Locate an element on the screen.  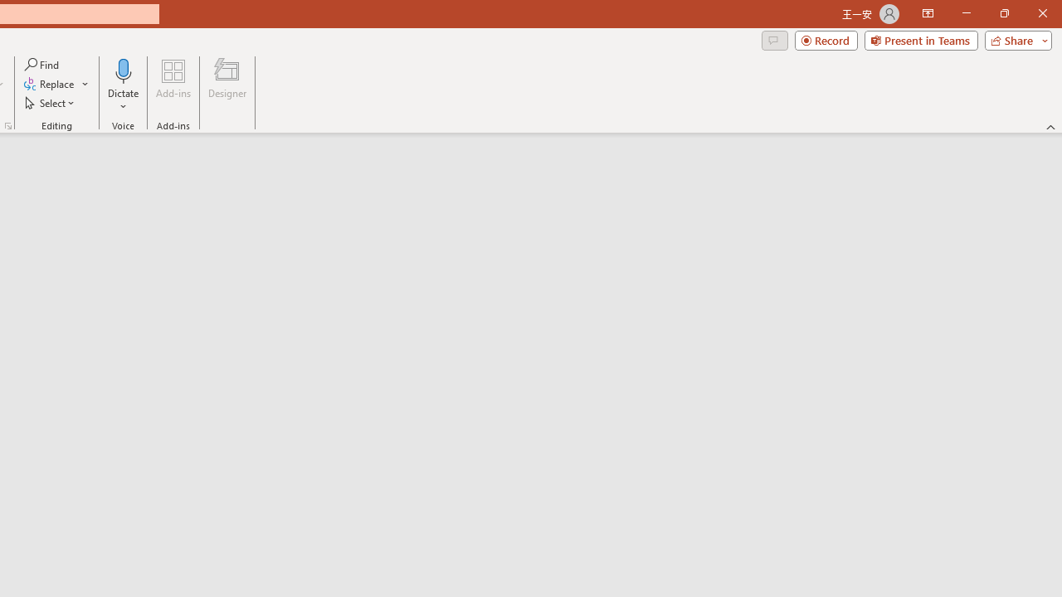
'Dictate' is located at coordinates (123, 85).